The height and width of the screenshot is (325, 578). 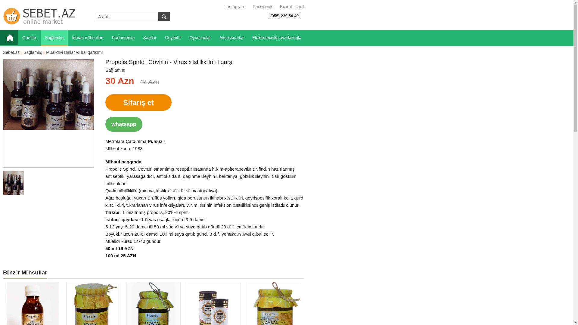 I want to click on 'Parfumeriya', so click(x=123, y=38).